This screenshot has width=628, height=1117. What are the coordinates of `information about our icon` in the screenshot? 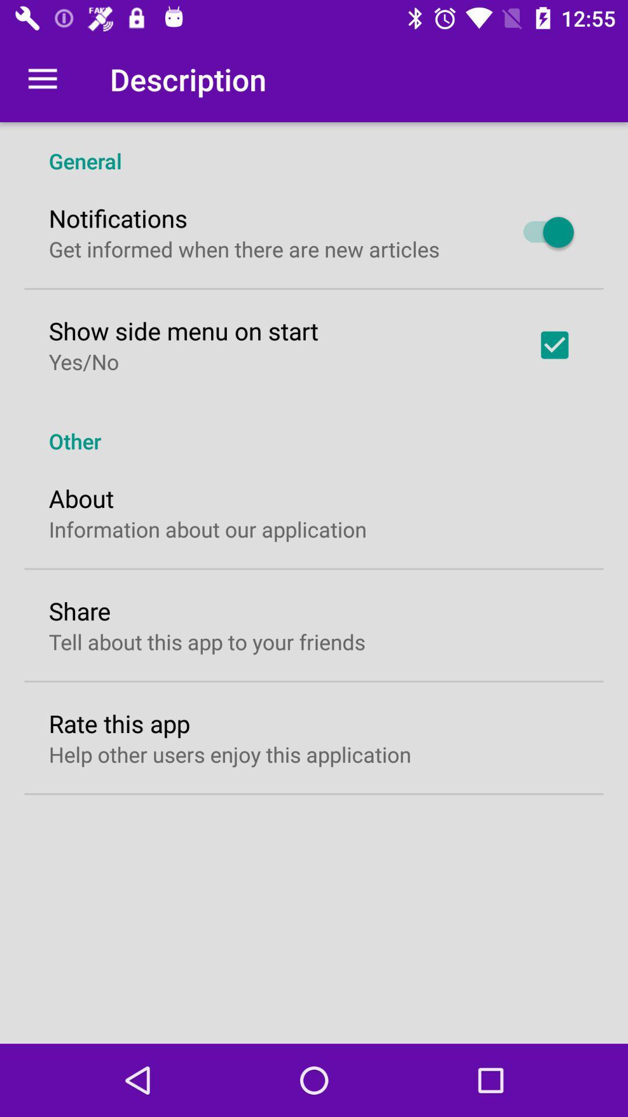 It's located at (207, 528).